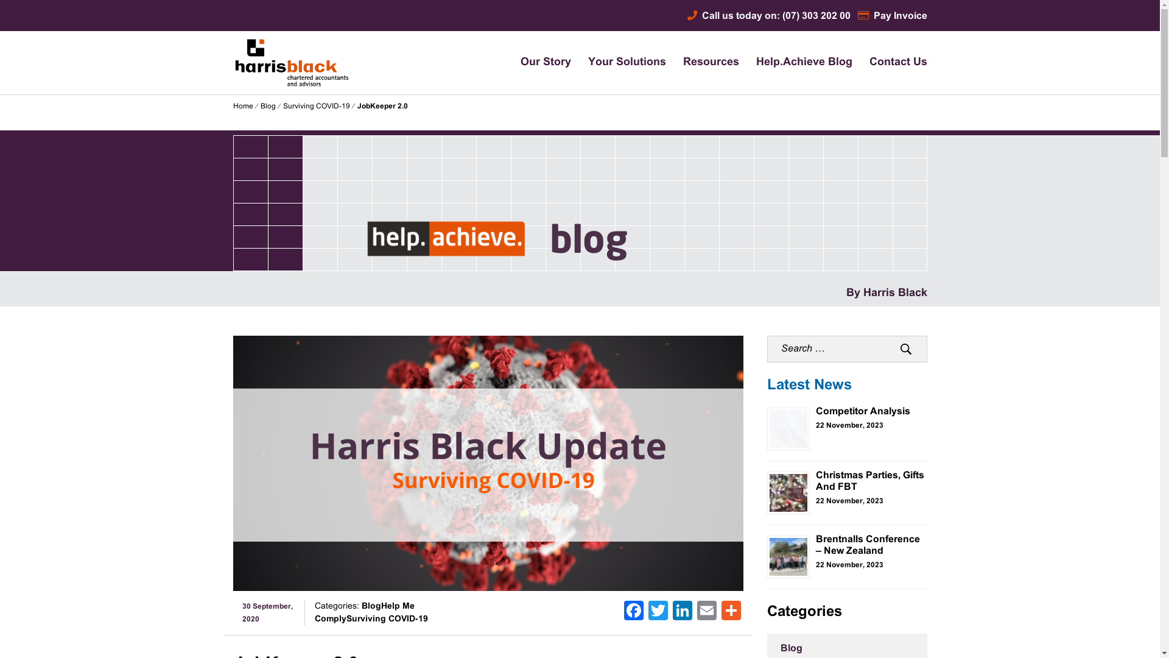  Describe the element at coordinates (707, 613) in the screenshot. I see `'Email'` at that location.